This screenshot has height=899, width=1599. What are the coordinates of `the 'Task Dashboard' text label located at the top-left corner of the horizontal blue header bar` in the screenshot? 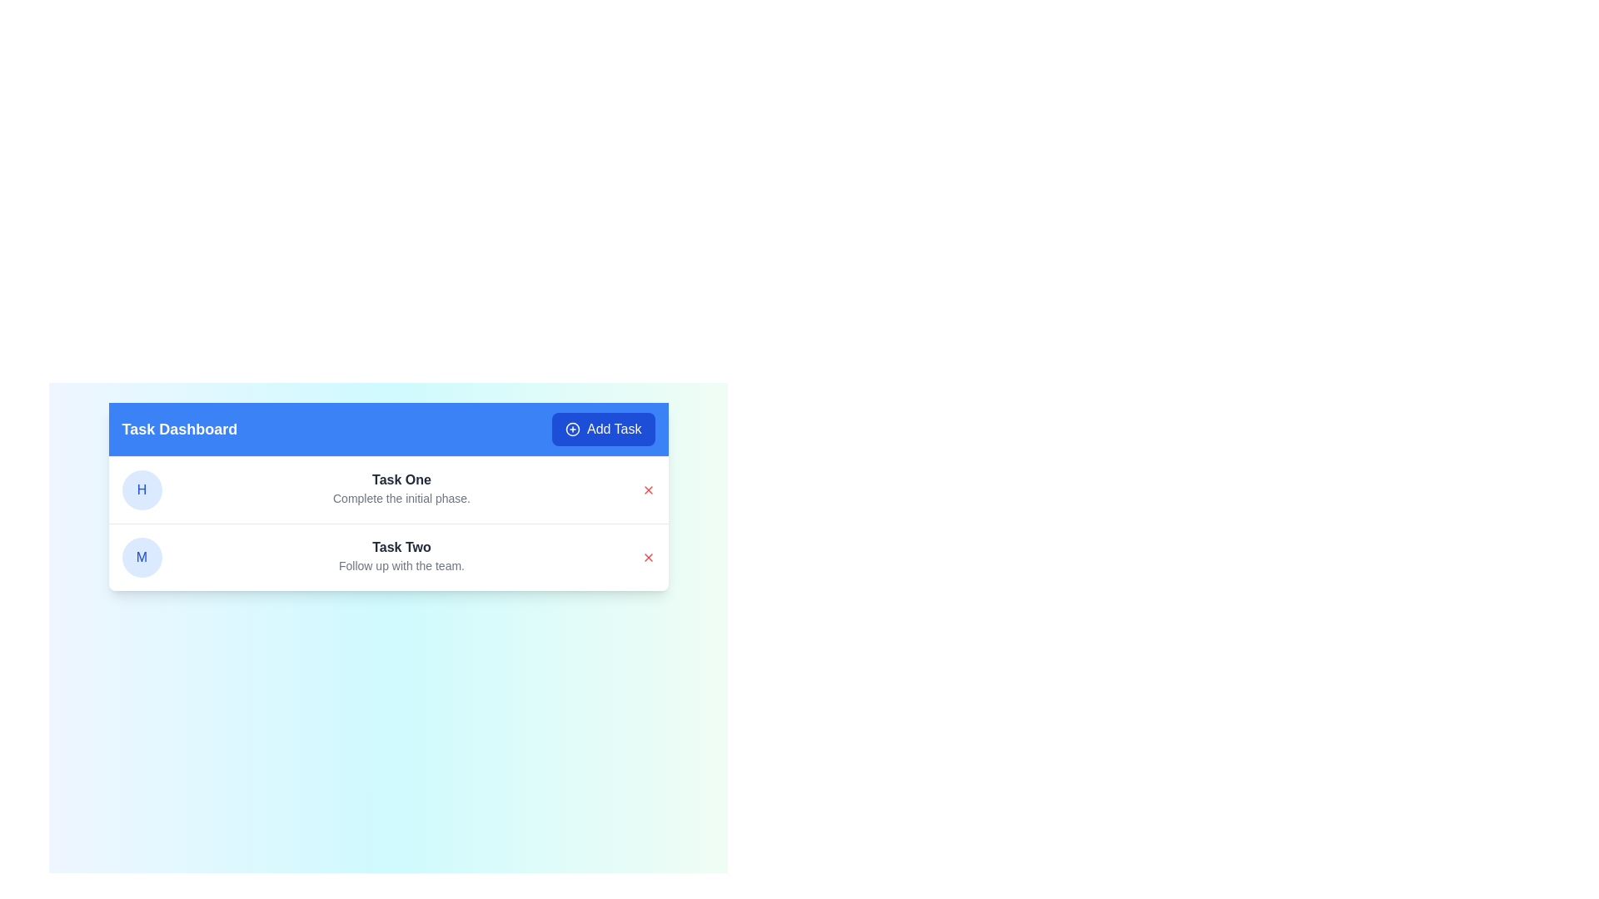 It's located at (179, 429).